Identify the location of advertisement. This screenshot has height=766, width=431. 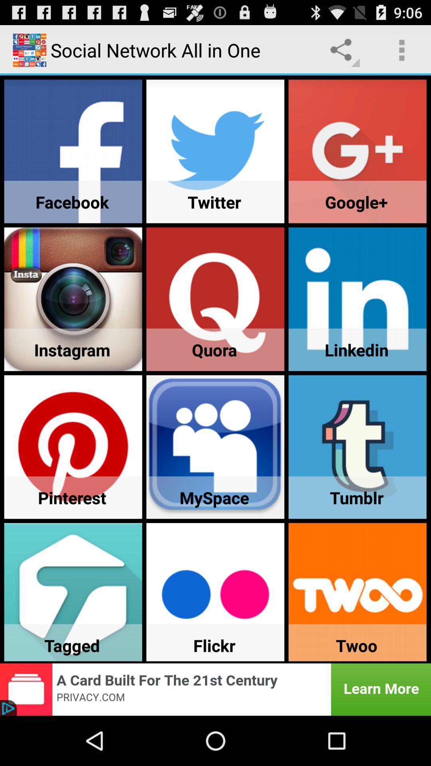
(215, 689).